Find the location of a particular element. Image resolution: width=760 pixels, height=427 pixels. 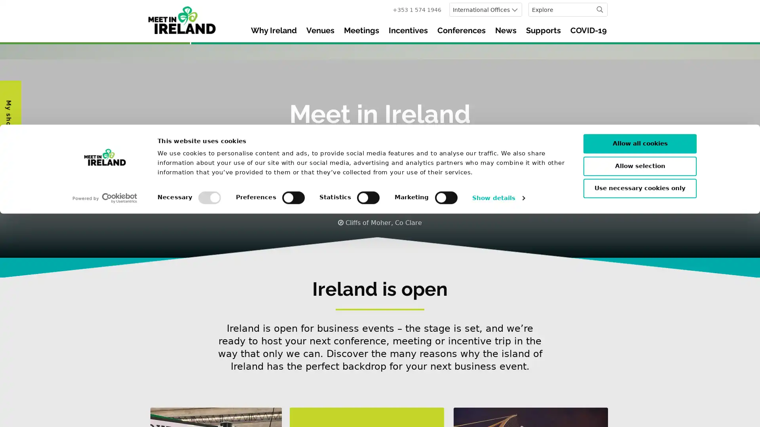

Use necessary cookies only is located at coordinates (640, 402).